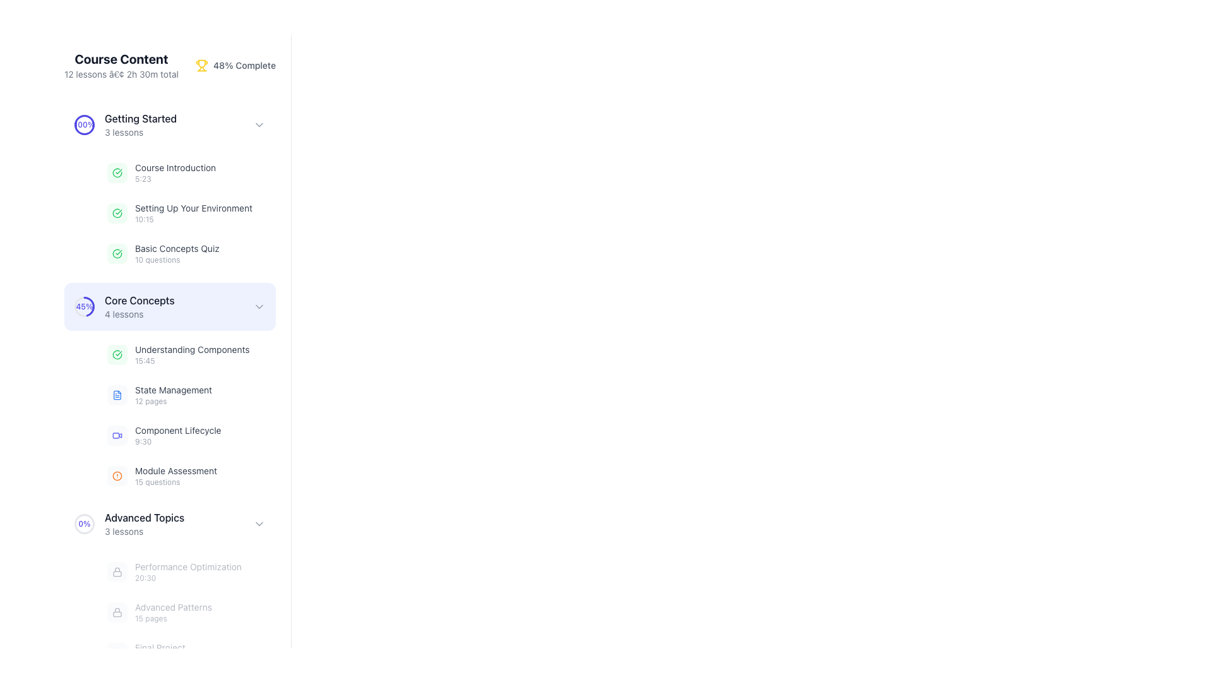  I want to click on the Collapsible Section Header for the 'Advanced Topics' module, so click(169, 523).